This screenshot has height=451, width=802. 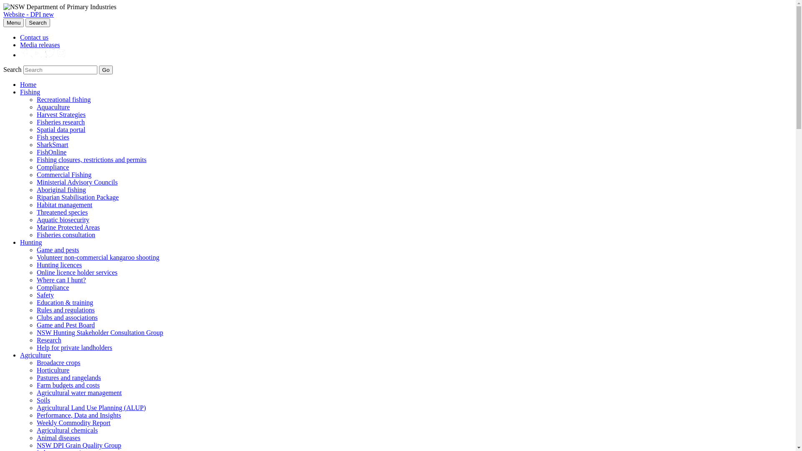 I want to click on 'Help for private landholders', so click(x=74, y=347).